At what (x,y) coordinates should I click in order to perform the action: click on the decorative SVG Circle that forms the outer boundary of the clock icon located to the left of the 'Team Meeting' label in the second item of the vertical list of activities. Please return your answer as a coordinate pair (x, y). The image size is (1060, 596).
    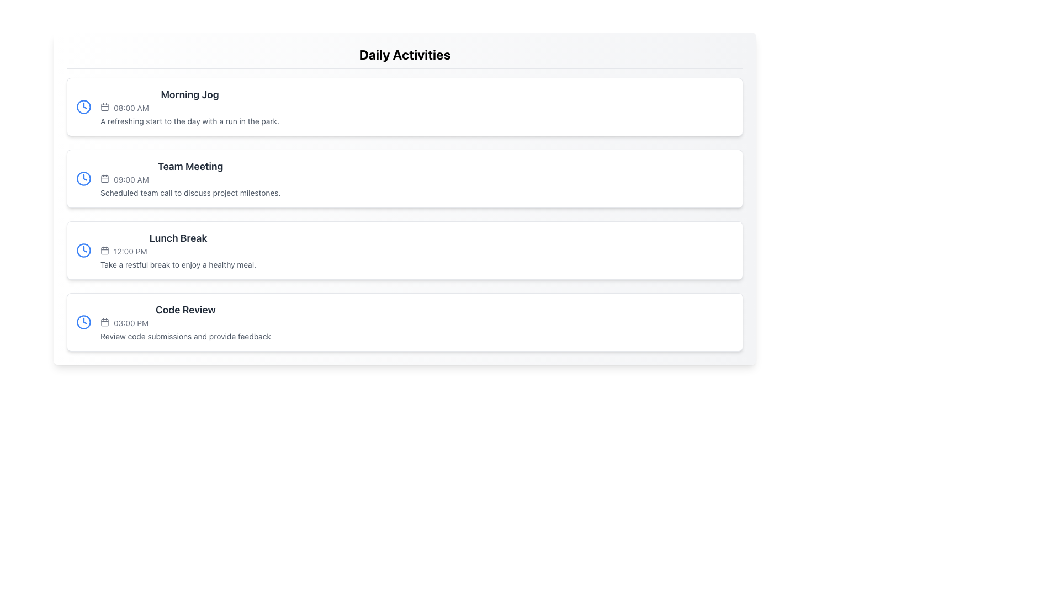
    Looking at the image, I should click on (83, 178).